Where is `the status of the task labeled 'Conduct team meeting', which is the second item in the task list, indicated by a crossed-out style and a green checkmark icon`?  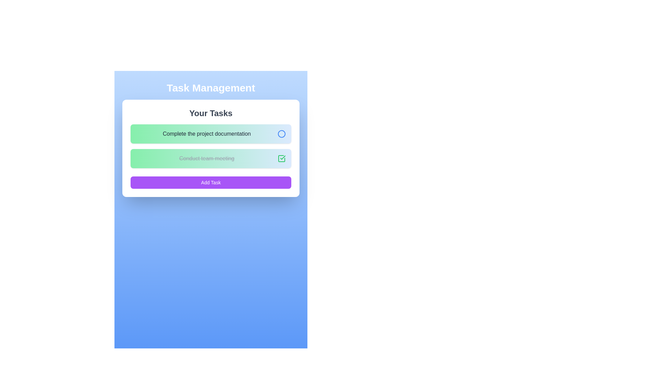
the status of the task labeled 'Conduct team meeting', which is the second item in the task list, indicated by a crossed-out style and a green checkmark icon is located at coordinates (210, 158).